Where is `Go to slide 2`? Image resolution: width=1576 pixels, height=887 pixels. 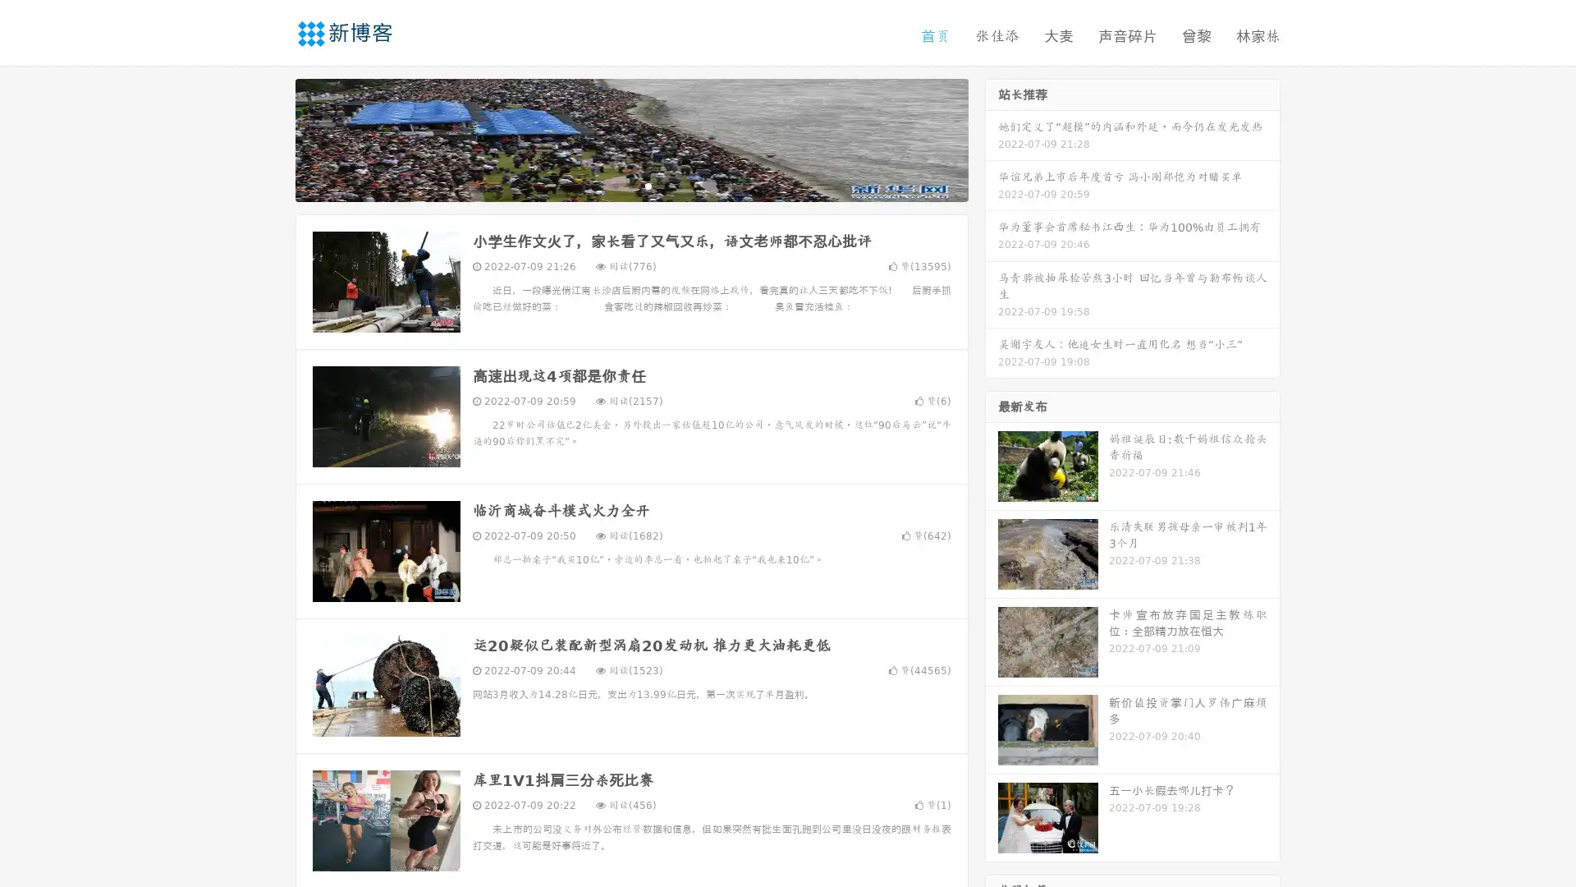
Go to slide 2 is located at coordinates (630, 185).